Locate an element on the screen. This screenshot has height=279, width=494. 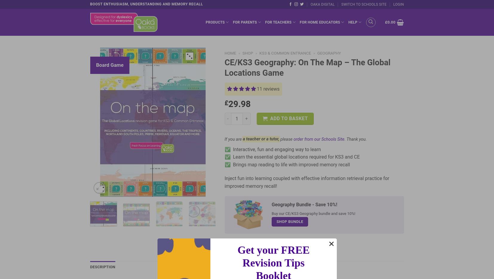
'Switch to Schools Site' is located at coordinates (364, 4).